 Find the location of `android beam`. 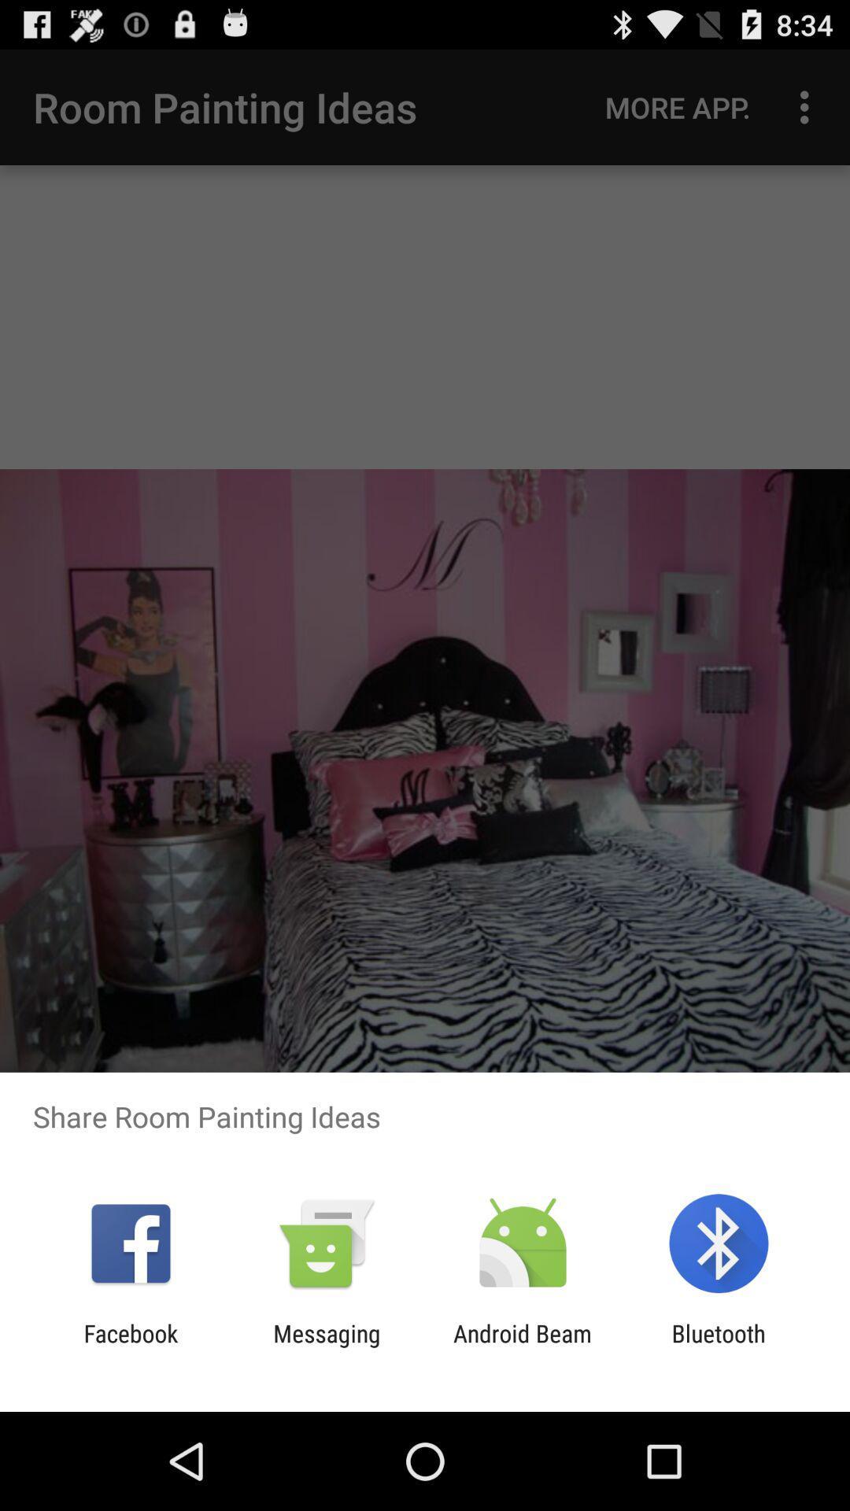

android beam is located at coordinates (523, 1347).